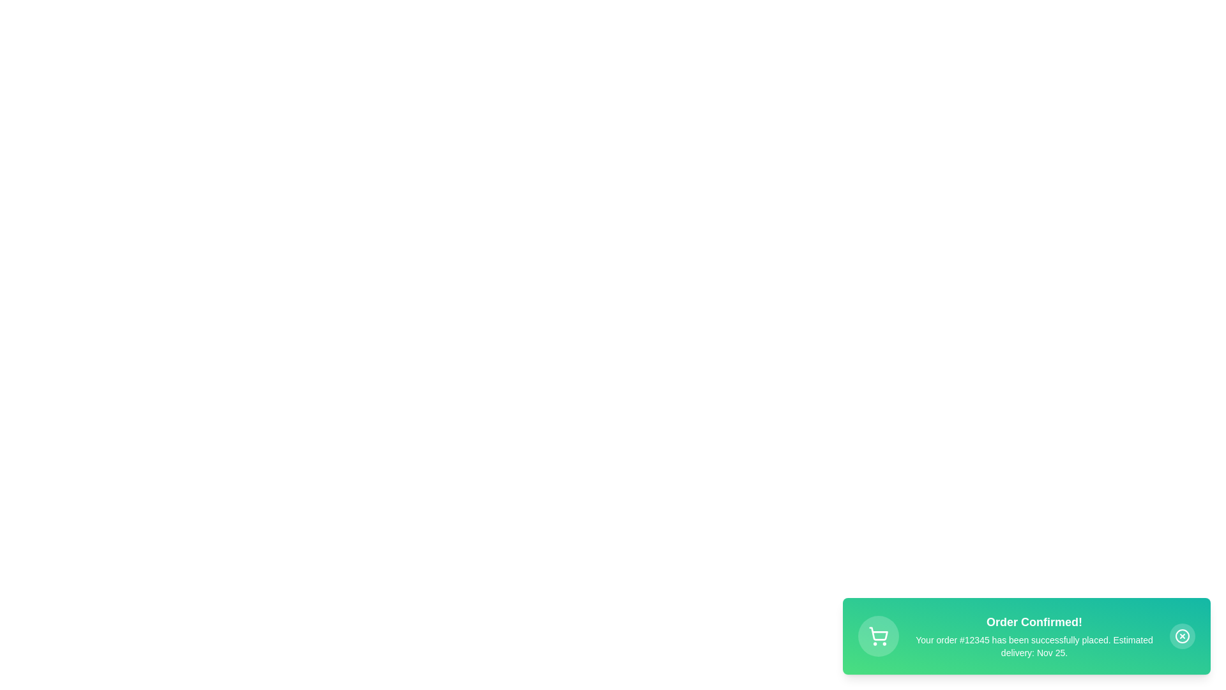 The width and height of the screenshot is (1226, 690). Describe the element at coordinates (878, 634) in the screenshot. I see `the decorative shopping cart icon located in the lower-right portion of the green notification card` at that location.